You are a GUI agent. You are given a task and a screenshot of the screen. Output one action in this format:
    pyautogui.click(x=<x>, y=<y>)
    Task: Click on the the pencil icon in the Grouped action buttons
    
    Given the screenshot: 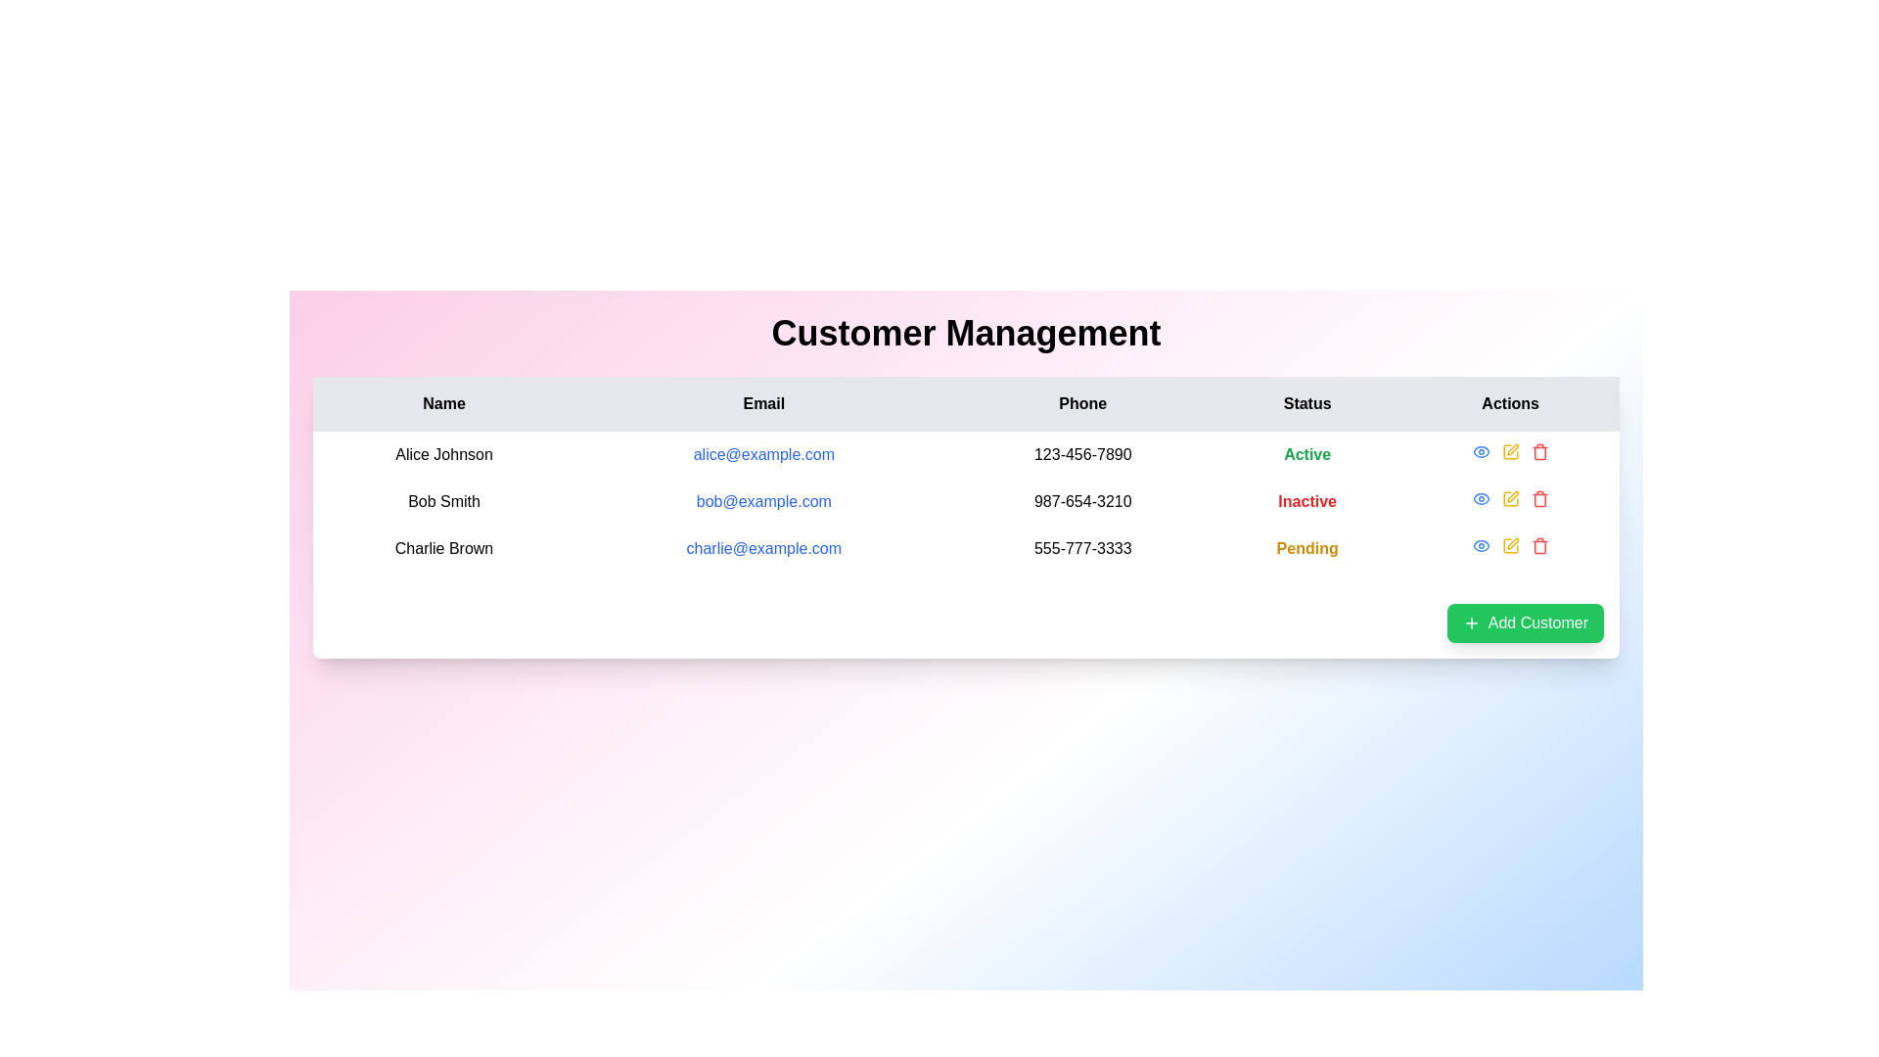 What is the action you would take?
    pyautogui.click(x=1509, y=497)
    